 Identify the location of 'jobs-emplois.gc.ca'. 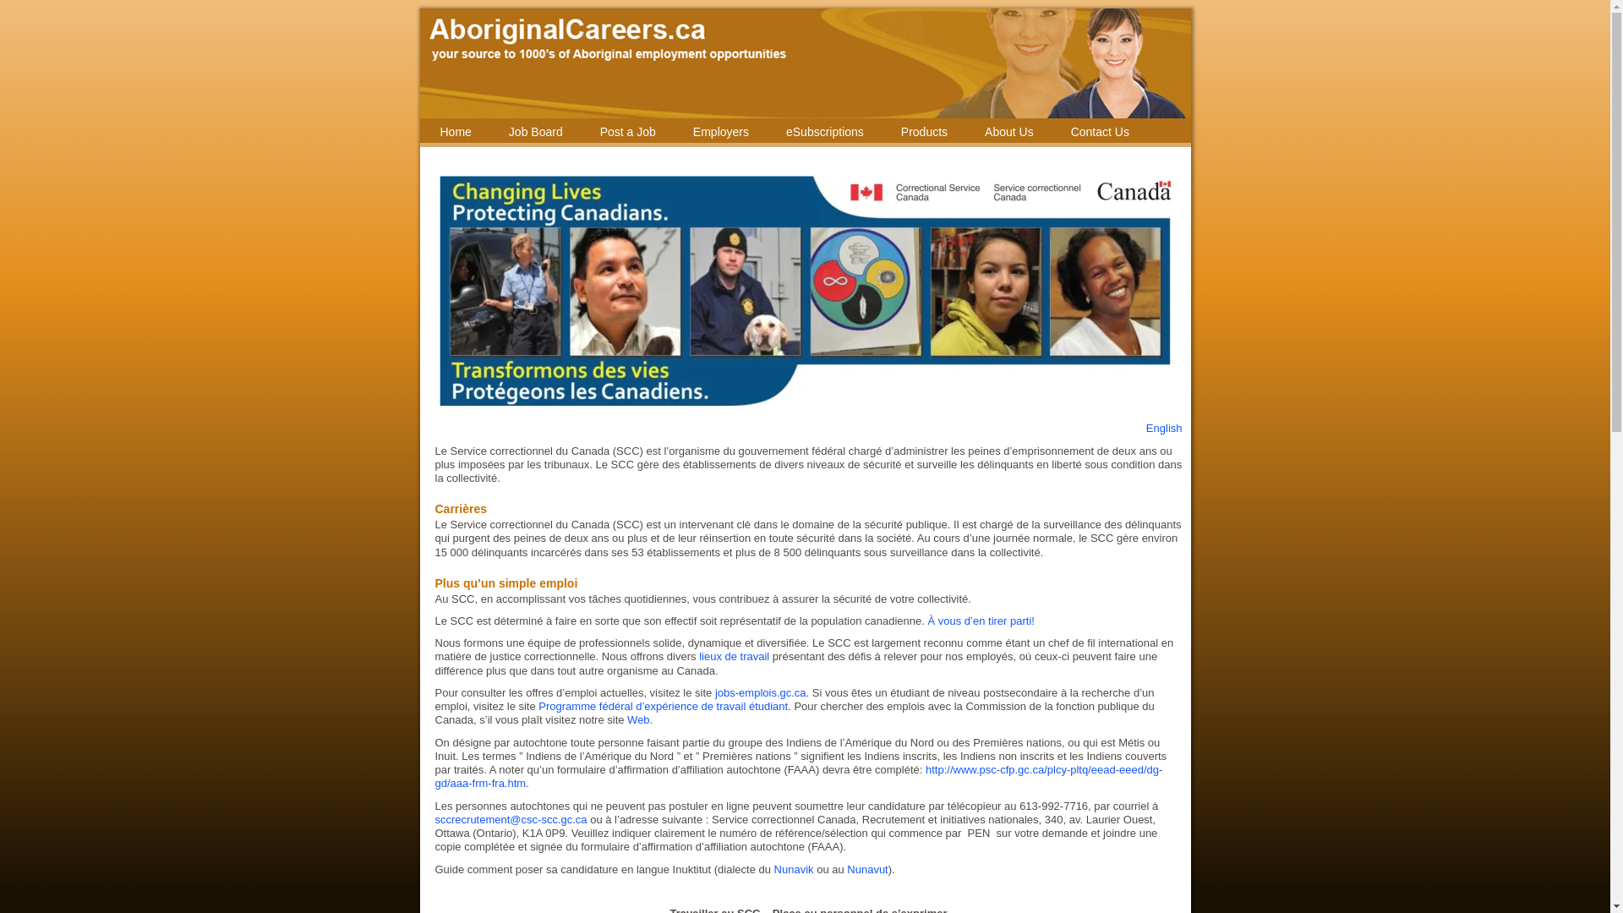
(760, 692).